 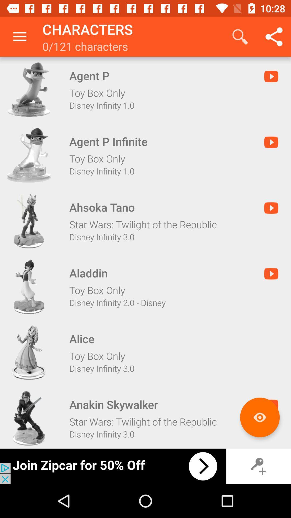 What do you see at coordinates (259, 417) in the screenshot?
I see `click here to preview` at bounding box center [259, 417].